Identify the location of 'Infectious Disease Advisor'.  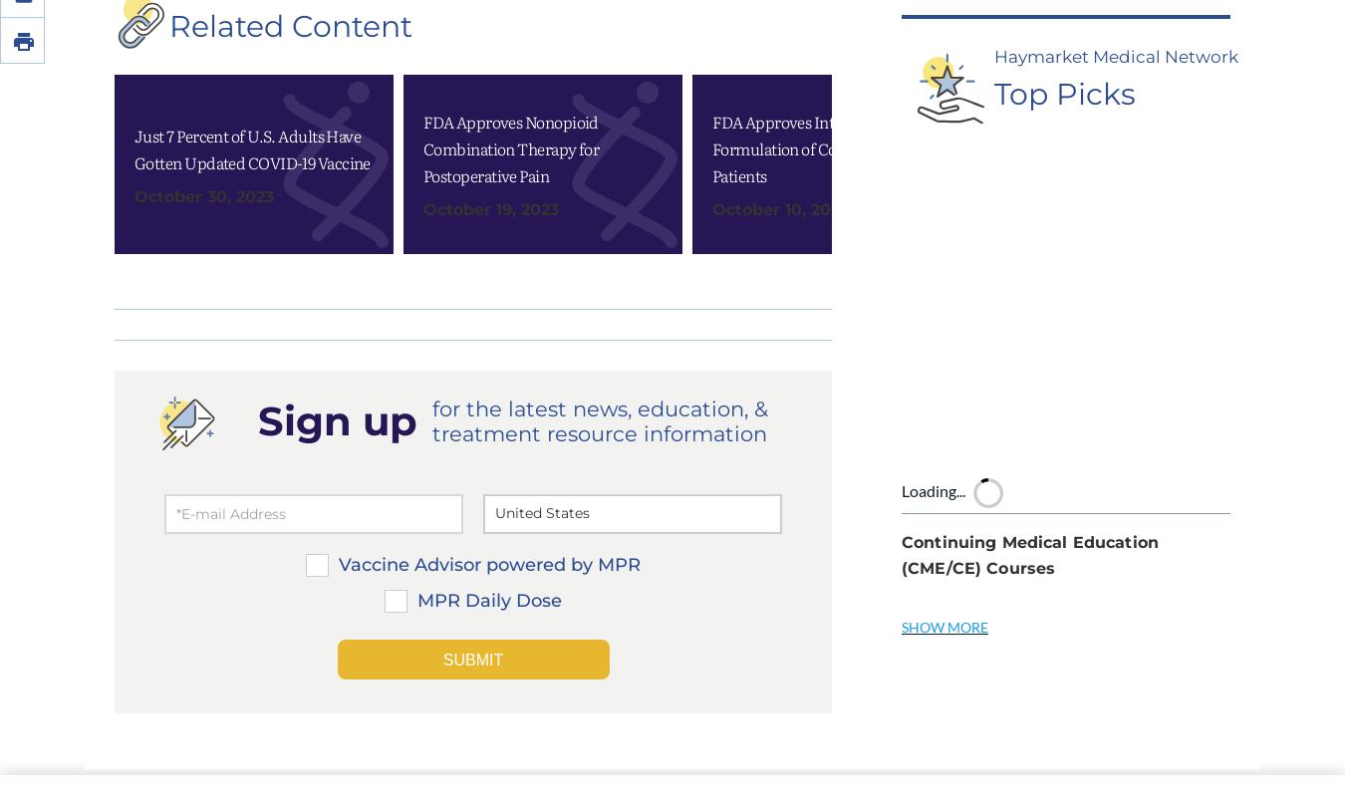
(789, 748).